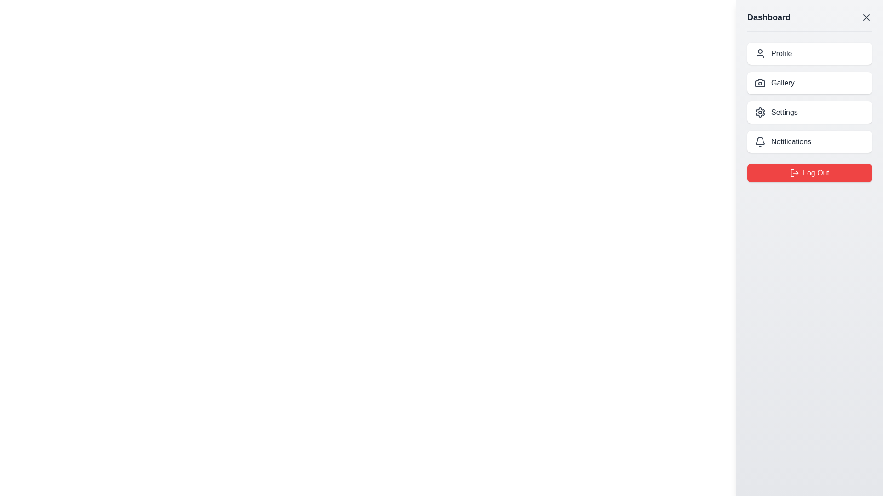 The height and width of the screenshot is (496, 883). What do you see at coordinates (809, 173) in the screenshot?
I see `the 'Log Out' button located at the bottom of the right side panel, which has a bright red background and white text with an arrow icon` at bounding box center [809, 173].